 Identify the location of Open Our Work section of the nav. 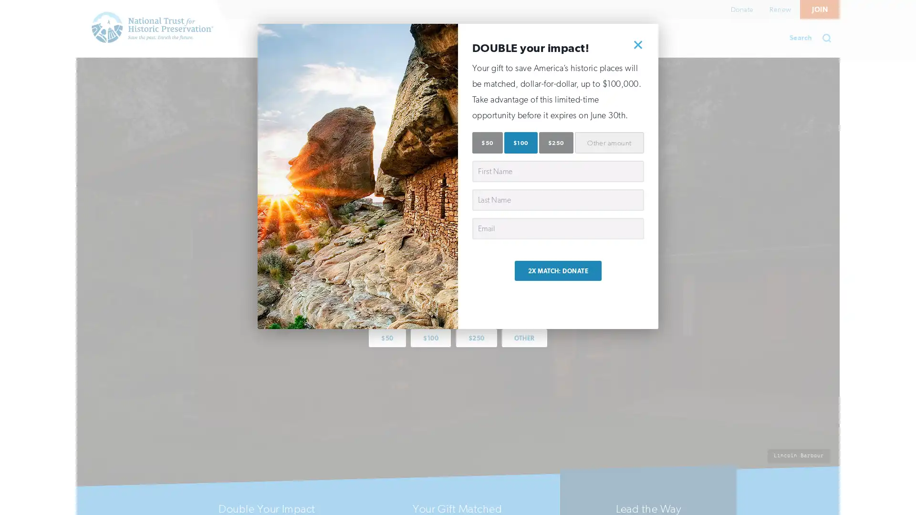
(465, 38).